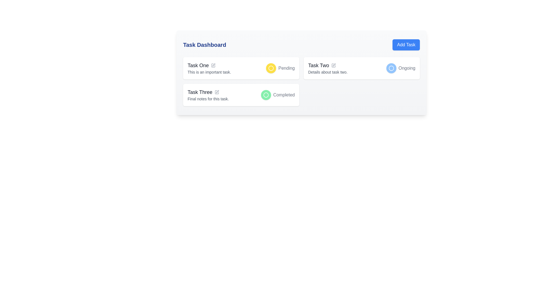 Image resolution: width=536 pixels, height=301 pixels. What do you see at coordinates (328, 72) in the screenshot?
I see `the text label reading 'Details about task two.' which is styled in a small, gray font and located below the title 'Task Two' in the task card` at bounding box center [328, 72].